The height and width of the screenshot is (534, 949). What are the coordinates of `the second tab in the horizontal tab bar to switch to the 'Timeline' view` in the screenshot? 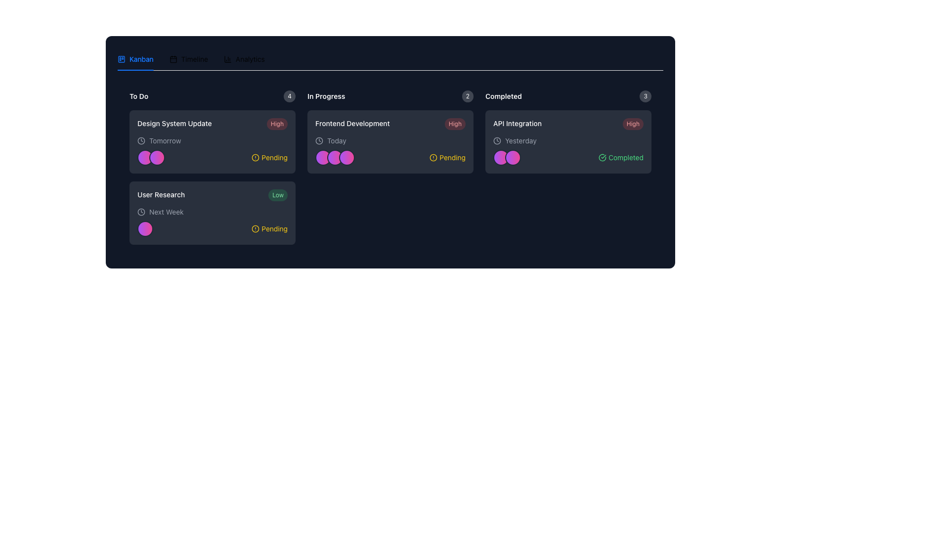 It's located at (188, 59).